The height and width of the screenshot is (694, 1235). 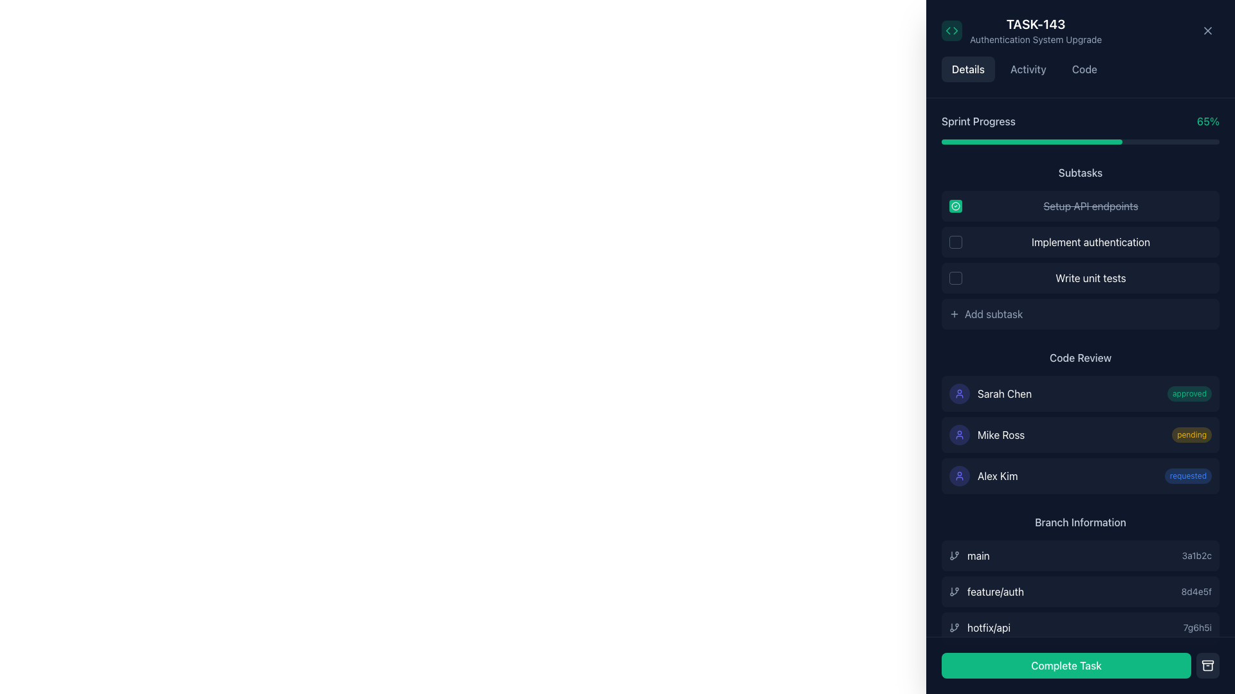 I want to click on the clickable checkbox for the subtask 'Implement authentication', so click(x=956, y=242).